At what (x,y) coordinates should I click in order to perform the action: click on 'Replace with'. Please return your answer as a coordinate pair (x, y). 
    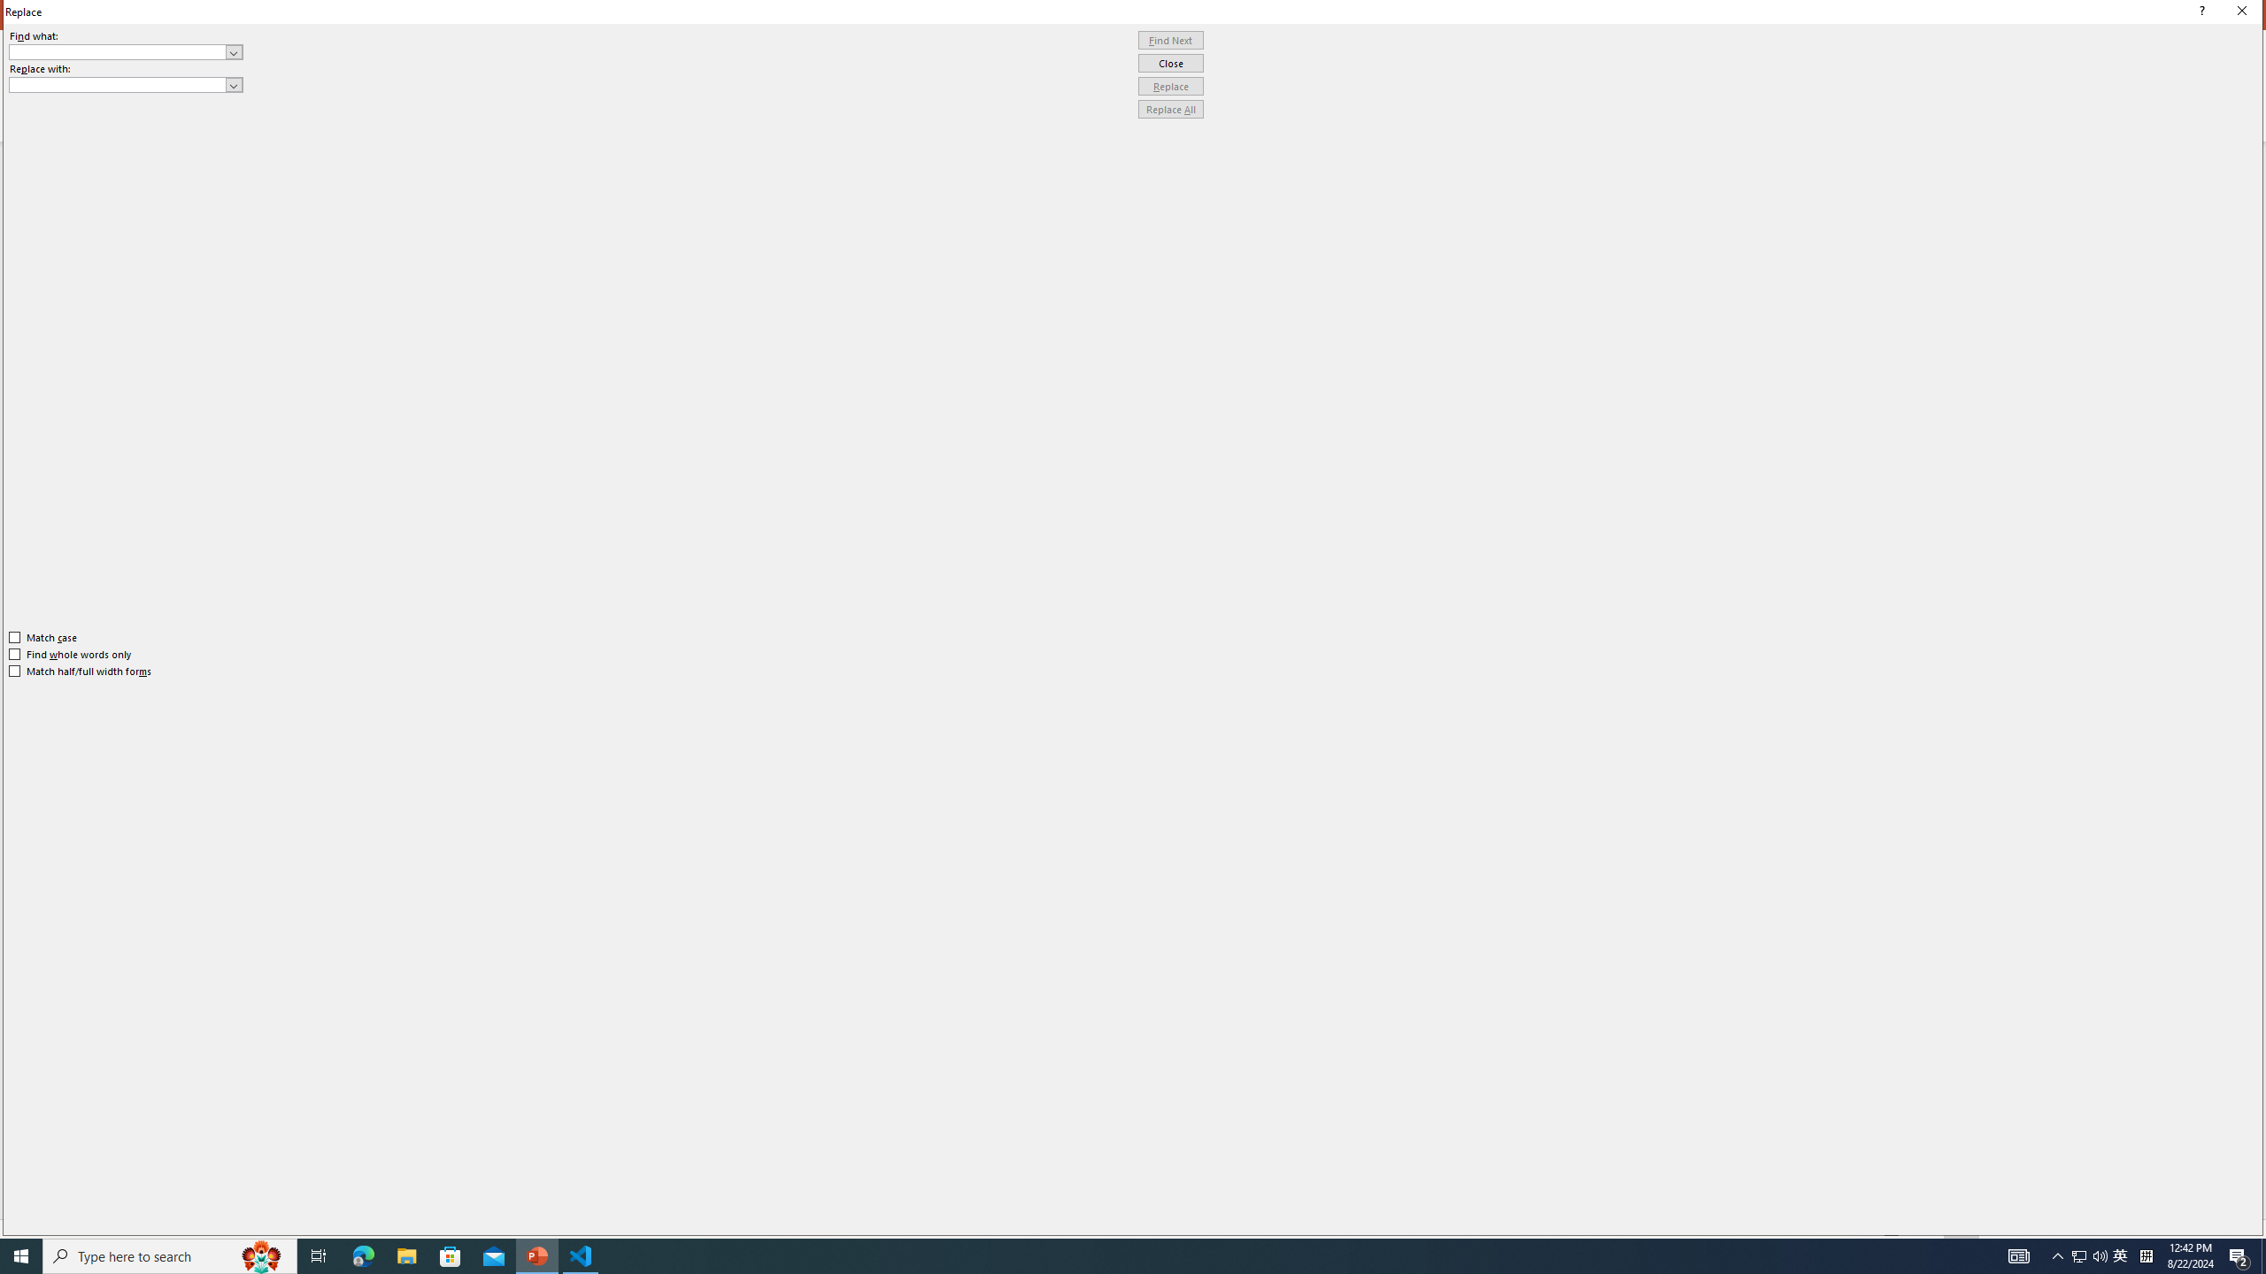
    Looking at the image, I should click on (126, 84).